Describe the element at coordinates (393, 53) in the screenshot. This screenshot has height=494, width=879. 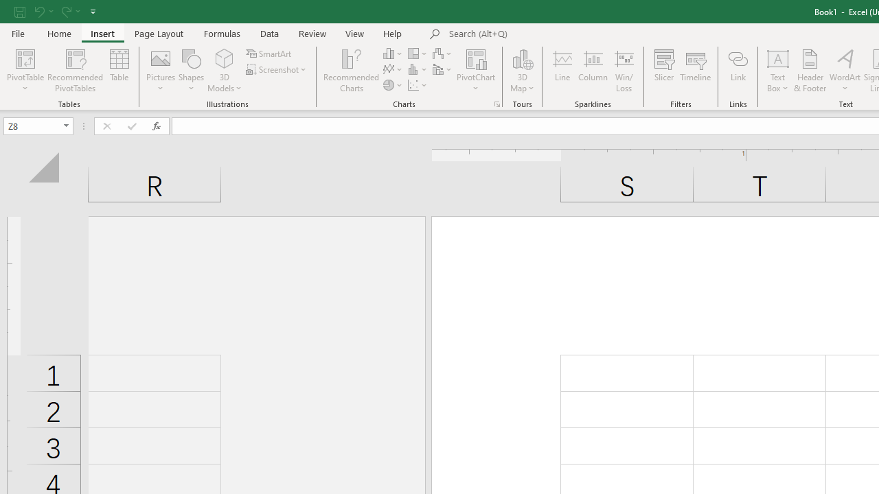
I see `'Insert Column or Bar Chart'` at that location.